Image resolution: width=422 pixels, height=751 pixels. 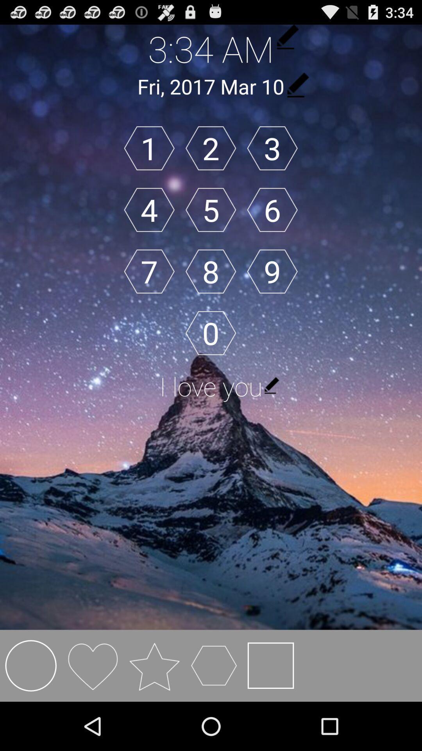 I want to click on button below 8 item, so click(x=210, y=333).